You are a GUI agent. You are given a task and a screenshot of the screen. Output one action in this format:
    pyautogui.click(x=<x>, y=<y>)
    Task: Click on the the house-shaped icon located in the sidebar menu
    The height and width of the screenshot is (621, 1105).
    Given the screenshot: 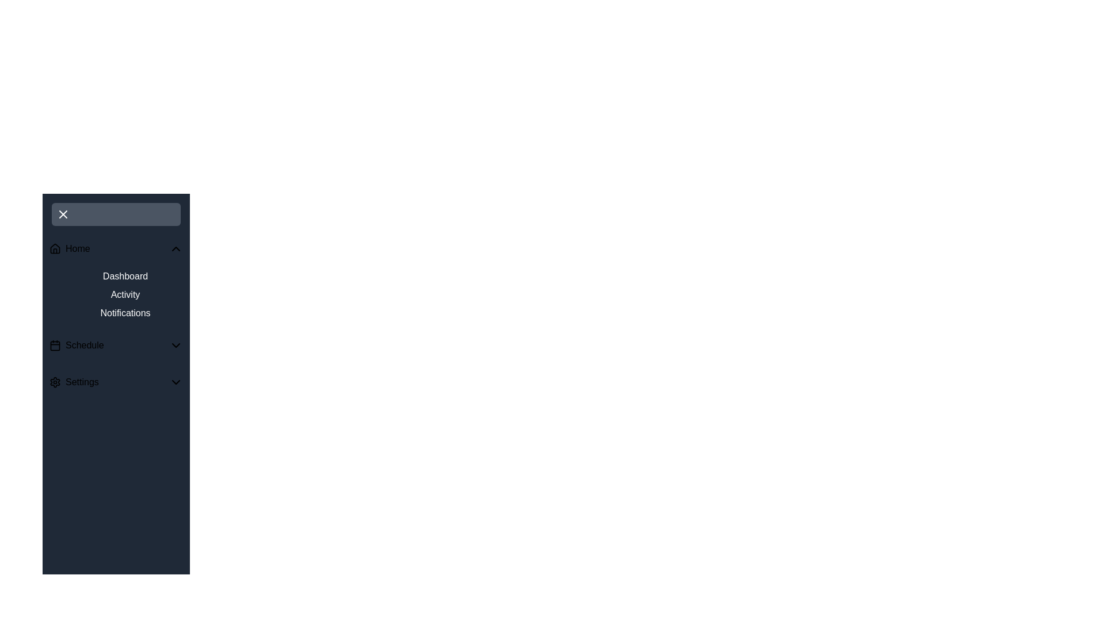 What is the action you would take?
    pyautogui.click(x=55, y=248)
    